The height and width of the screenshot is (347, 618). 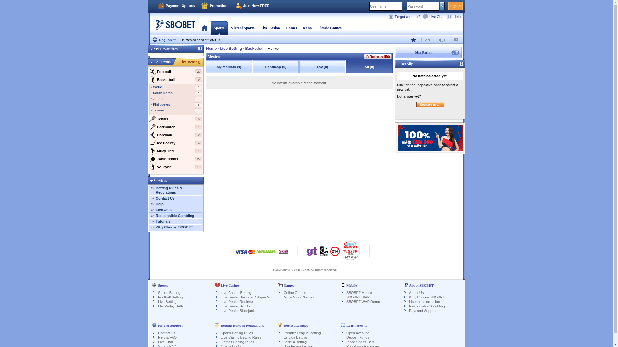 What do you see at coordinates (221, 337) in the screenshot?
I see `'Live Casino Betting Rules'` at bounding box center [221, 337].